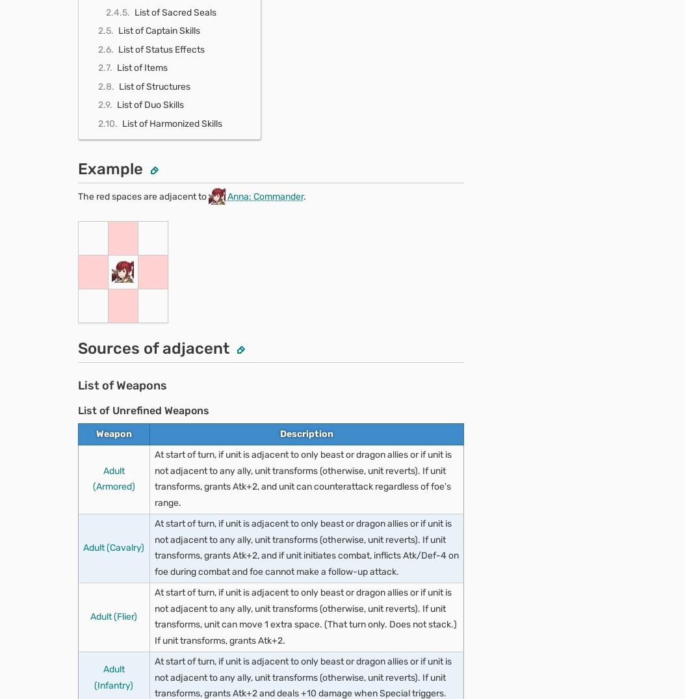 This screenshot has width=685, height=699. Describe the element at coordinates (135, 591) in the screenshot. I see `'Odd Def Wave 2'` at that location.